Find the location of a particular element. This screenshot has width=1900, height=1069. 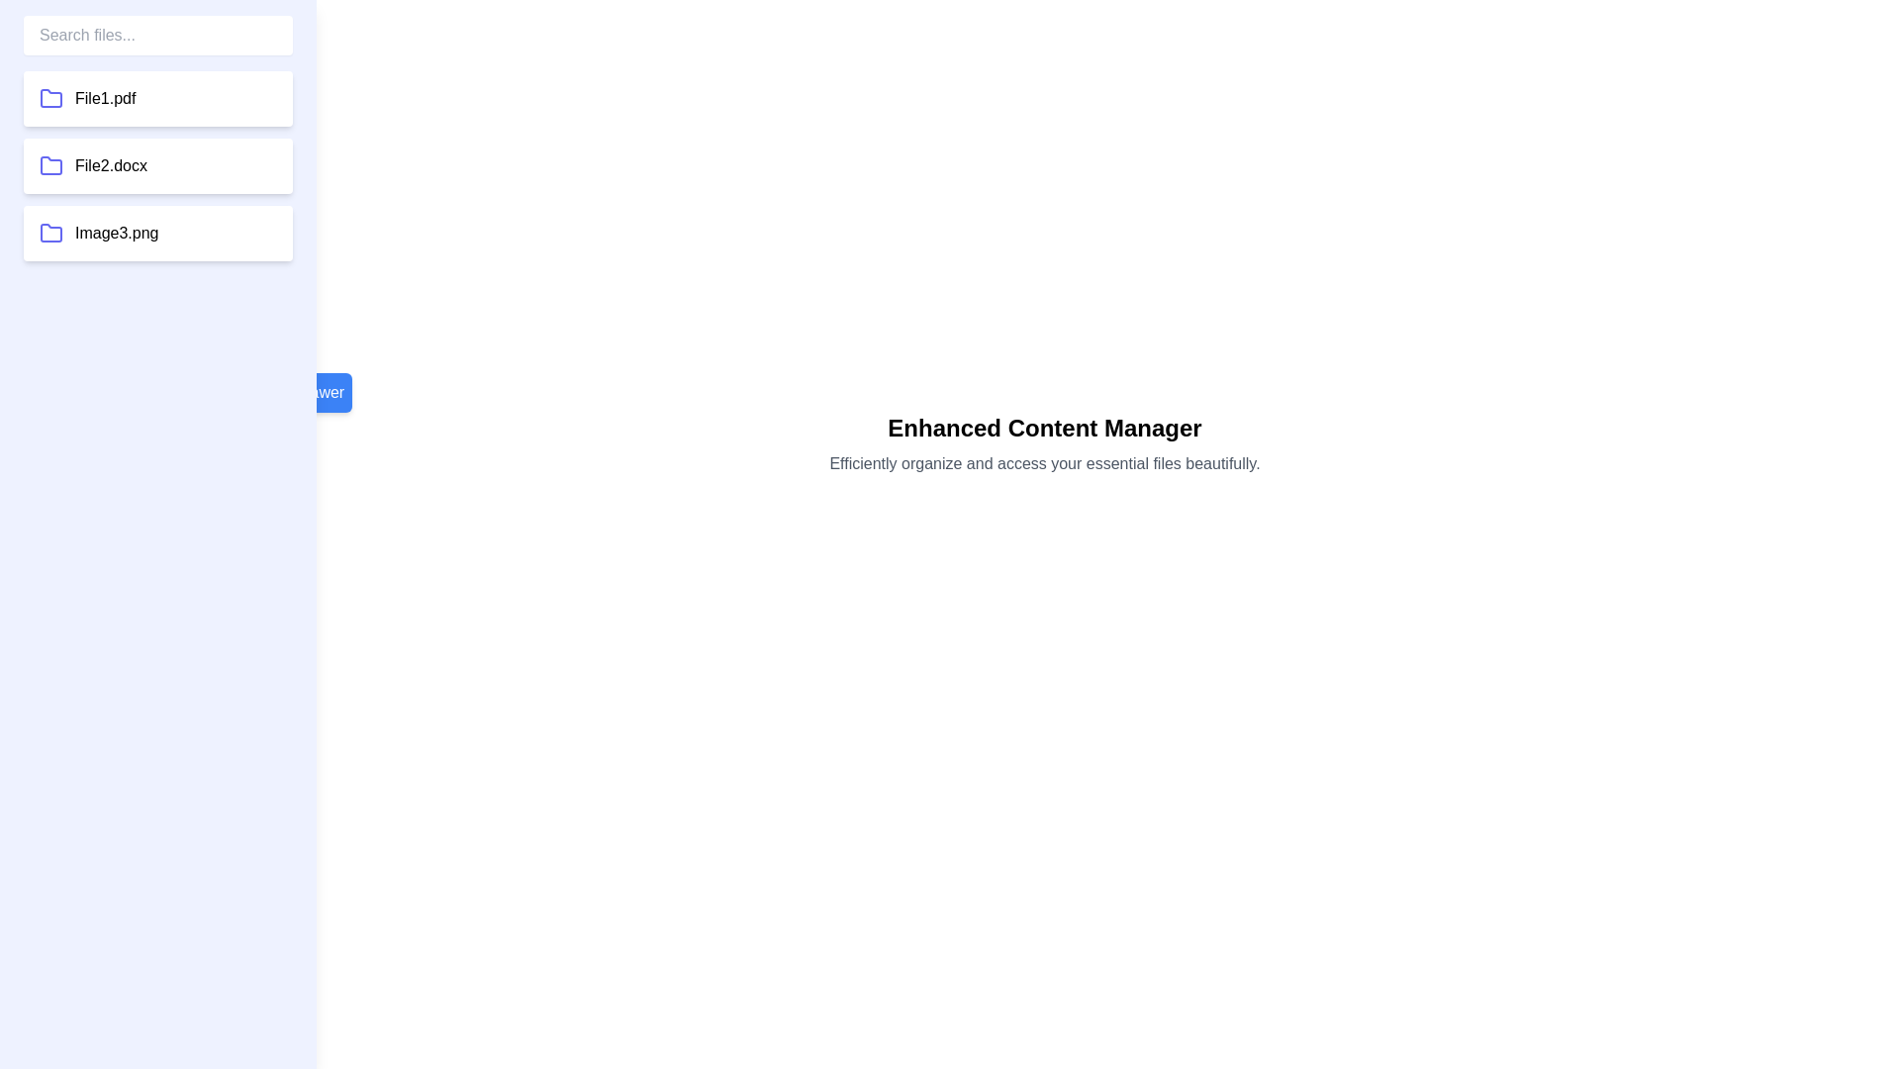

the file Image3.png from the list in the drawer is located at coordinates (156, 232).